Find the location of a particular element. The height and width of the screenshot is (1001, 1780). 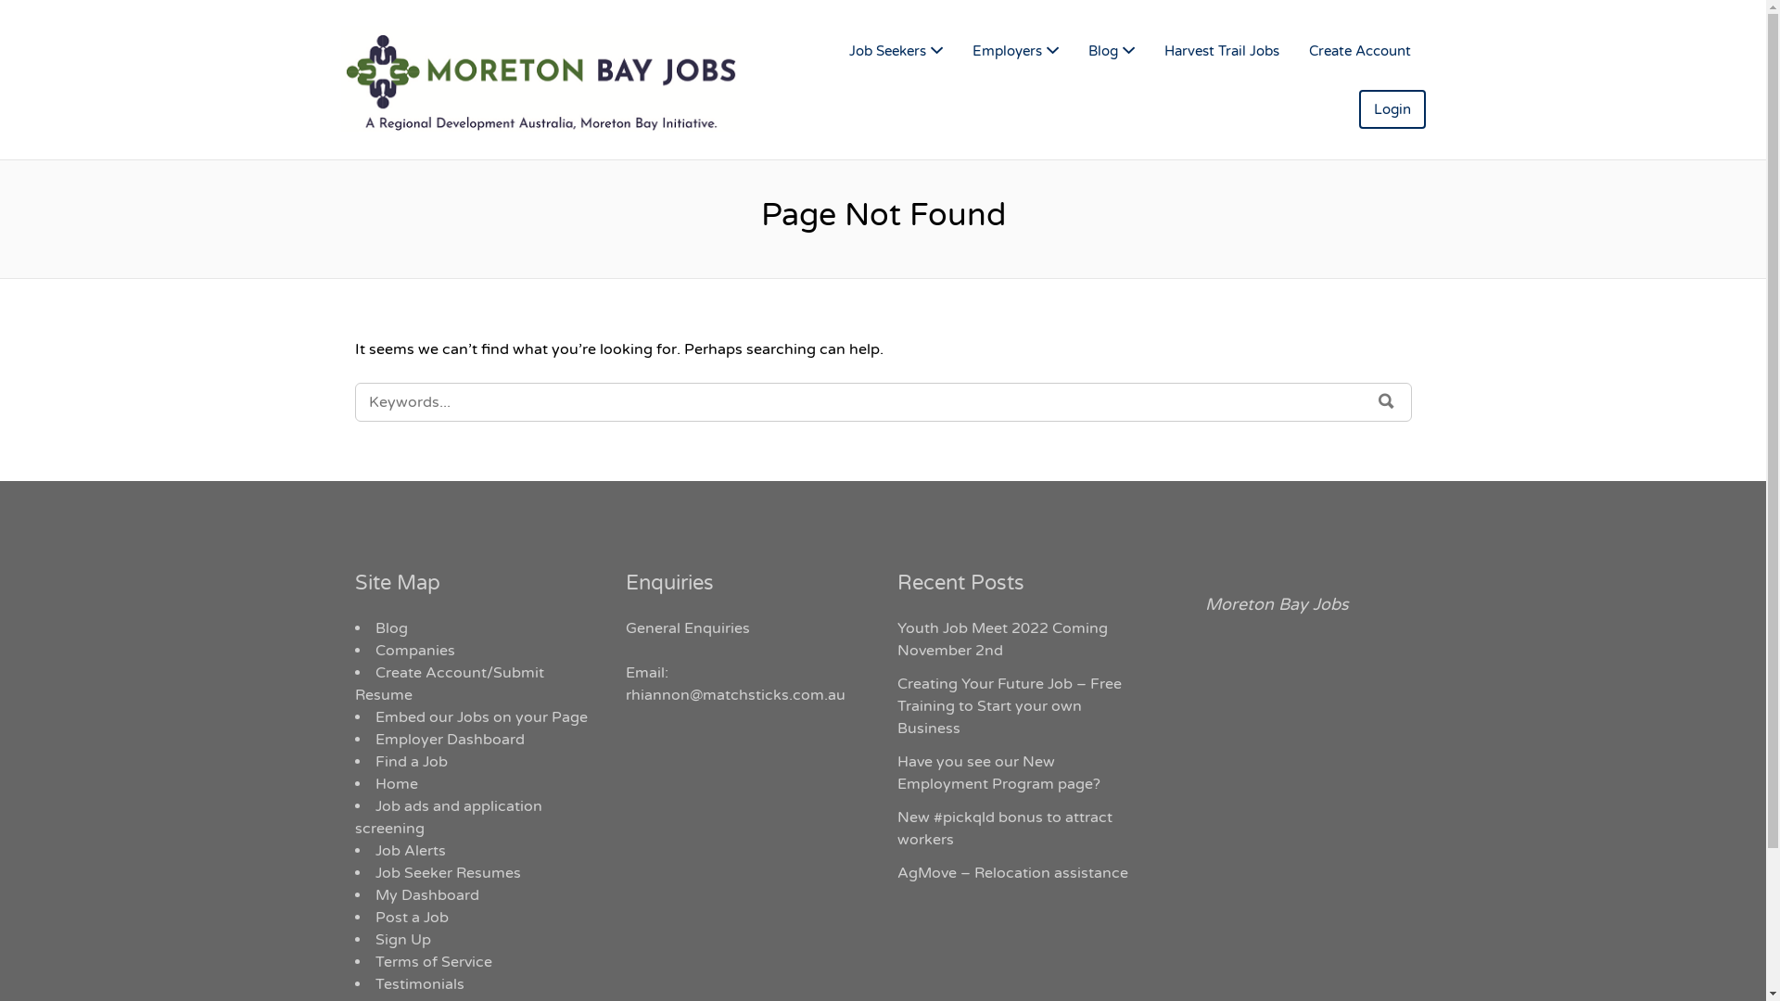

'Sign Up' is located at coordinates (400, 940).